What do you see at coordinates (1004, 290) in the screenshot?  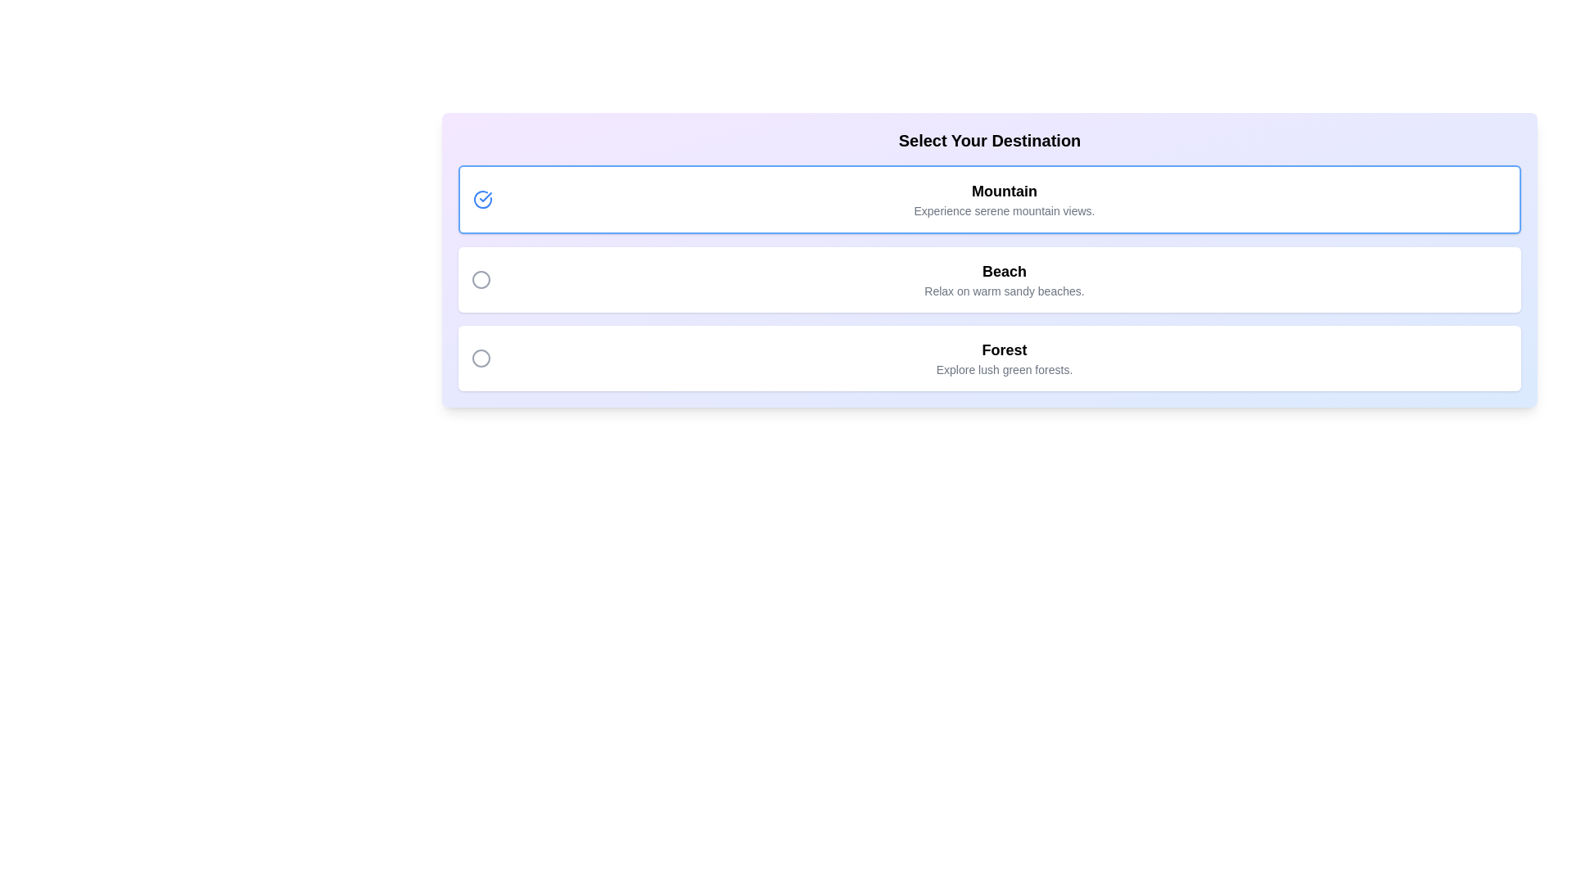 I see `the text label that reads 'Relax on warm sandy beaches.' located directly beneath the bold 'Beach' heading in the interface` at bounding box center [1004, 290].